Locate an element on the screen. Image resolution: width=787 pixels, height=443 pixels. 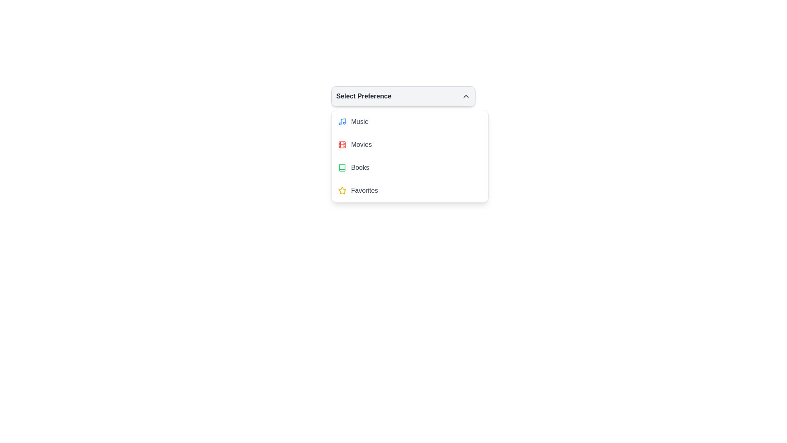
the text label for the 'Favorites' category in the dropdown menu, located below the 'Books' item and to the right of the star icon is located at coordinates (364, 191).